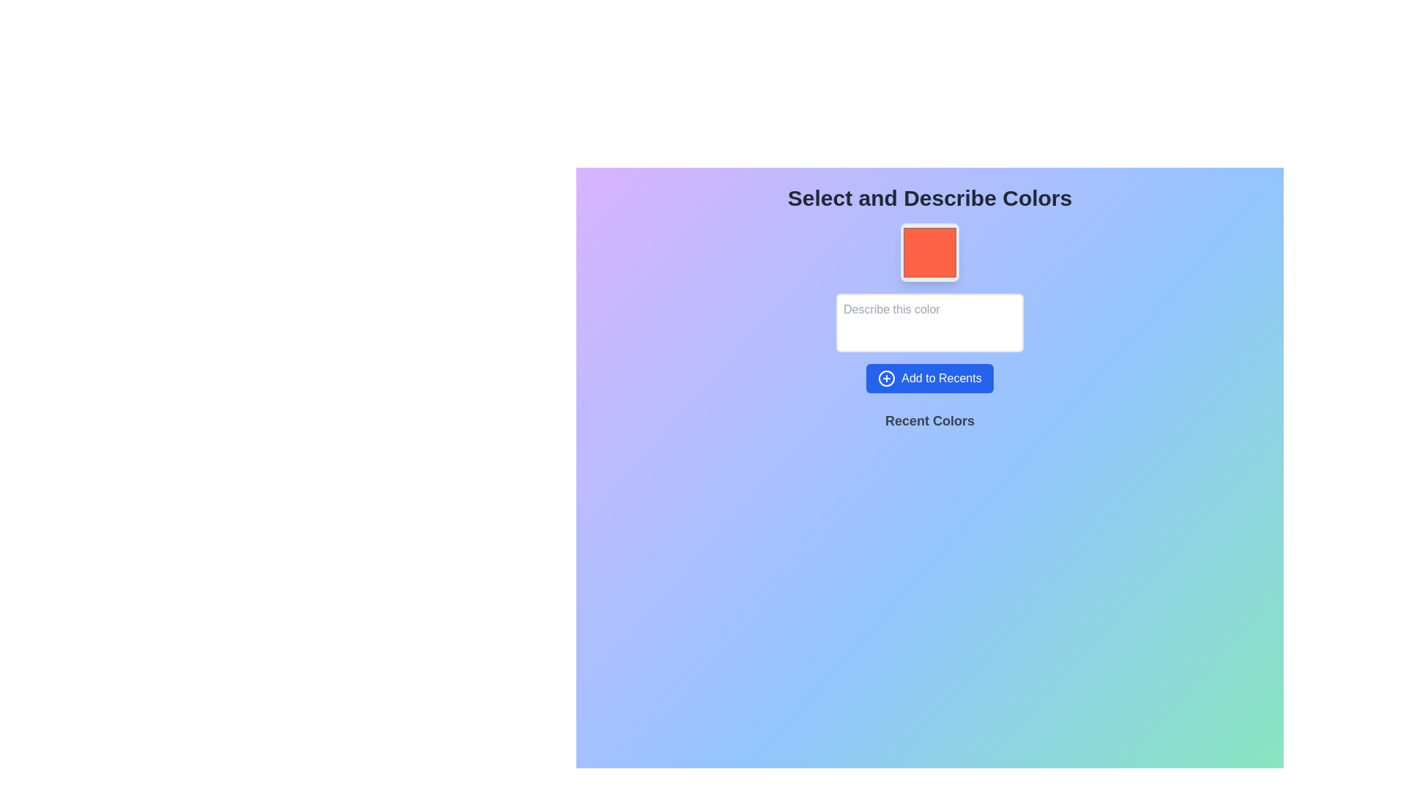 This screenshot has width=1406, height=791. I want to click on the 'Recent Colors' Text Label, which is positioned directly below the 'Add to Recents' button and serves as a heading for the subsequent section, so click(929, 426).